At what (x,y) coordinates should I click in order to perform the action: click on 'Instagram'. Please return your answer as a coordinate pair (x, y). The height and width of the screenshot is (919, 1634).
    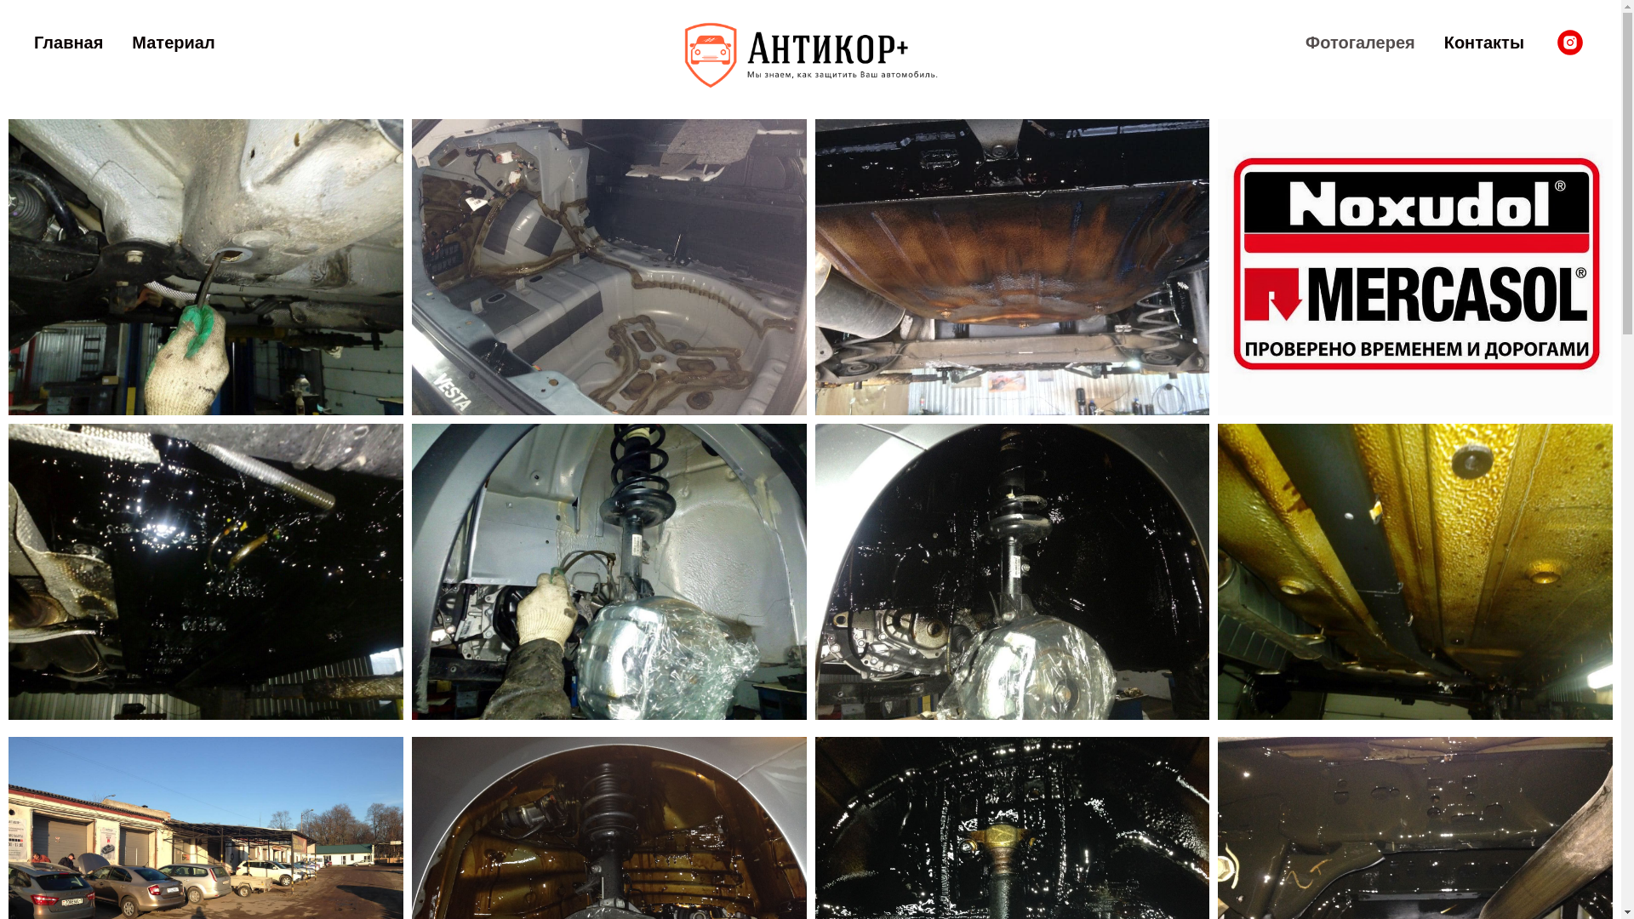
    Looking at the image, I should click on (1557, 42).